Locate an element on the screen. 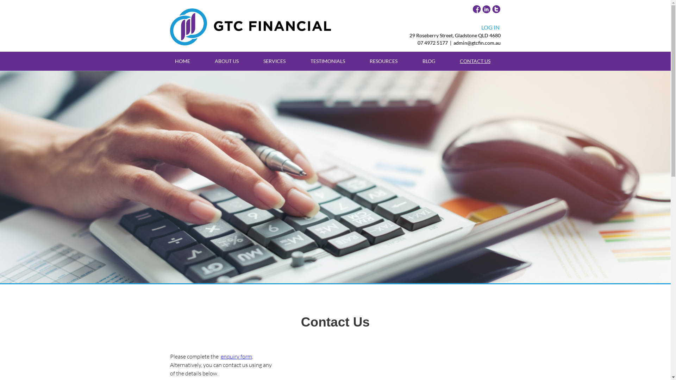 This screenshot has width=676, height=380. 'CONTACT US' is located at coordinates (475, 61).